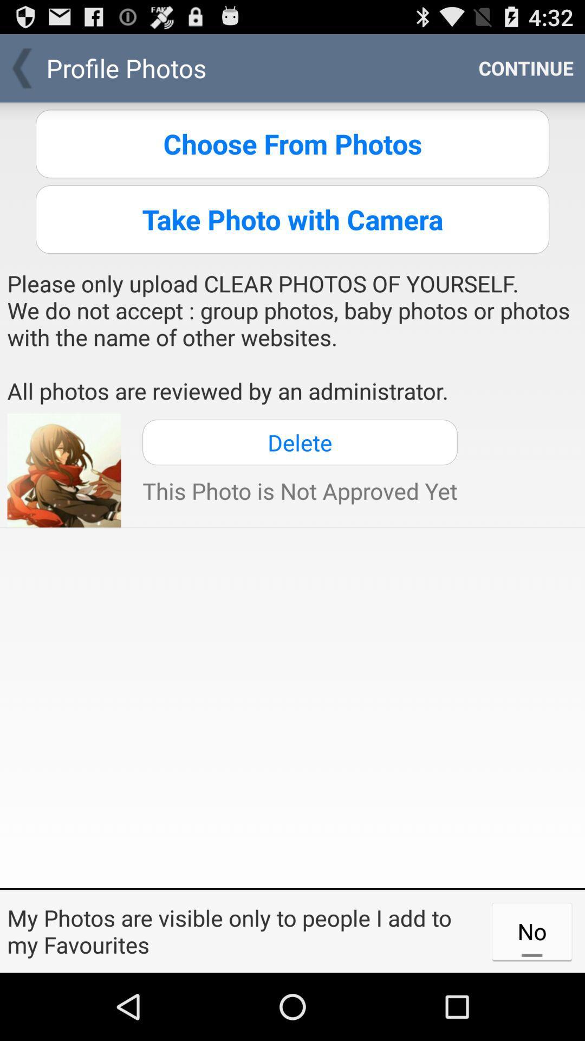 The image size is (585, 1041). What do you see at coordinates (292, 143) in the screenshot?
I see `button above take photo with item` at bounding box center [292, 143].